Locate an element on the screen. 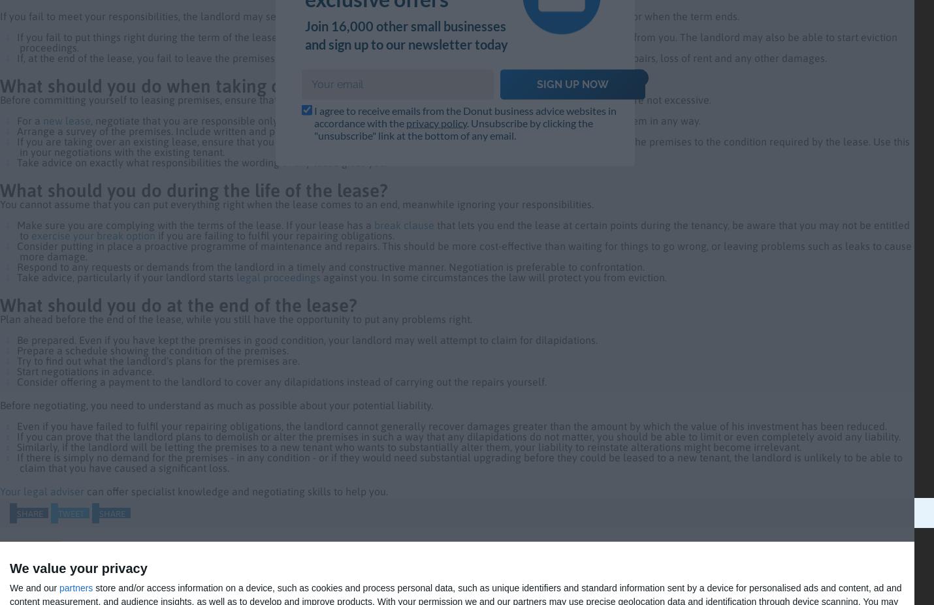 Image resolution: width=934 pixels, height=605 pixels. 'Prepare a schedule showing the condition of the premises.' is located at coordinates (151, 350).